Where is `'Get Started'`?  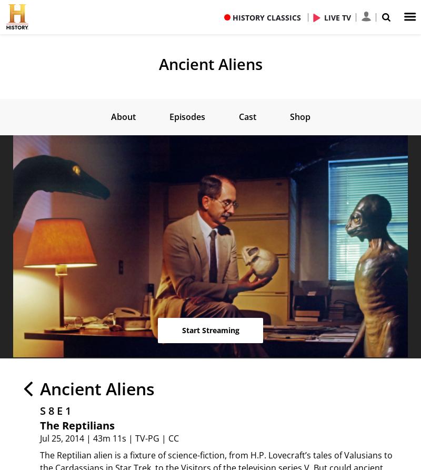
'Get Started' is located at coordinates (210, 186).